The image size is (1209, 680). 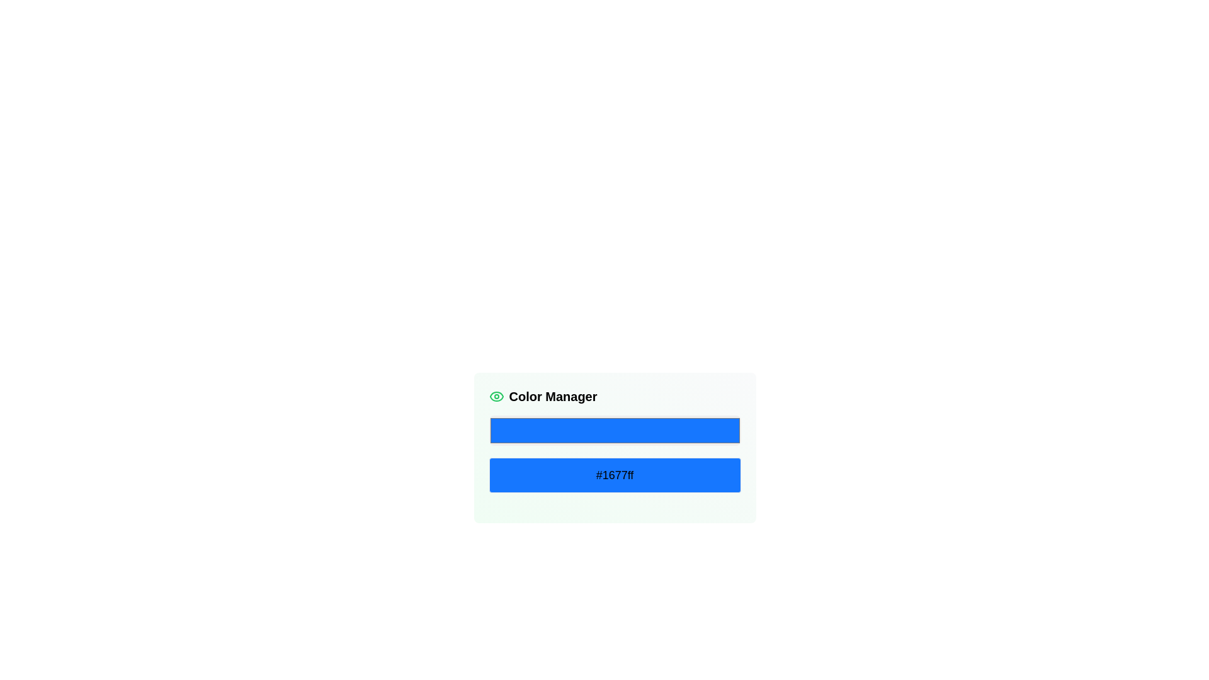 I want to click on the blue button-like informational display showing the text '#1677ff', located at the bottom of the 'Color Manager' component group, so click(x=615, y=475).